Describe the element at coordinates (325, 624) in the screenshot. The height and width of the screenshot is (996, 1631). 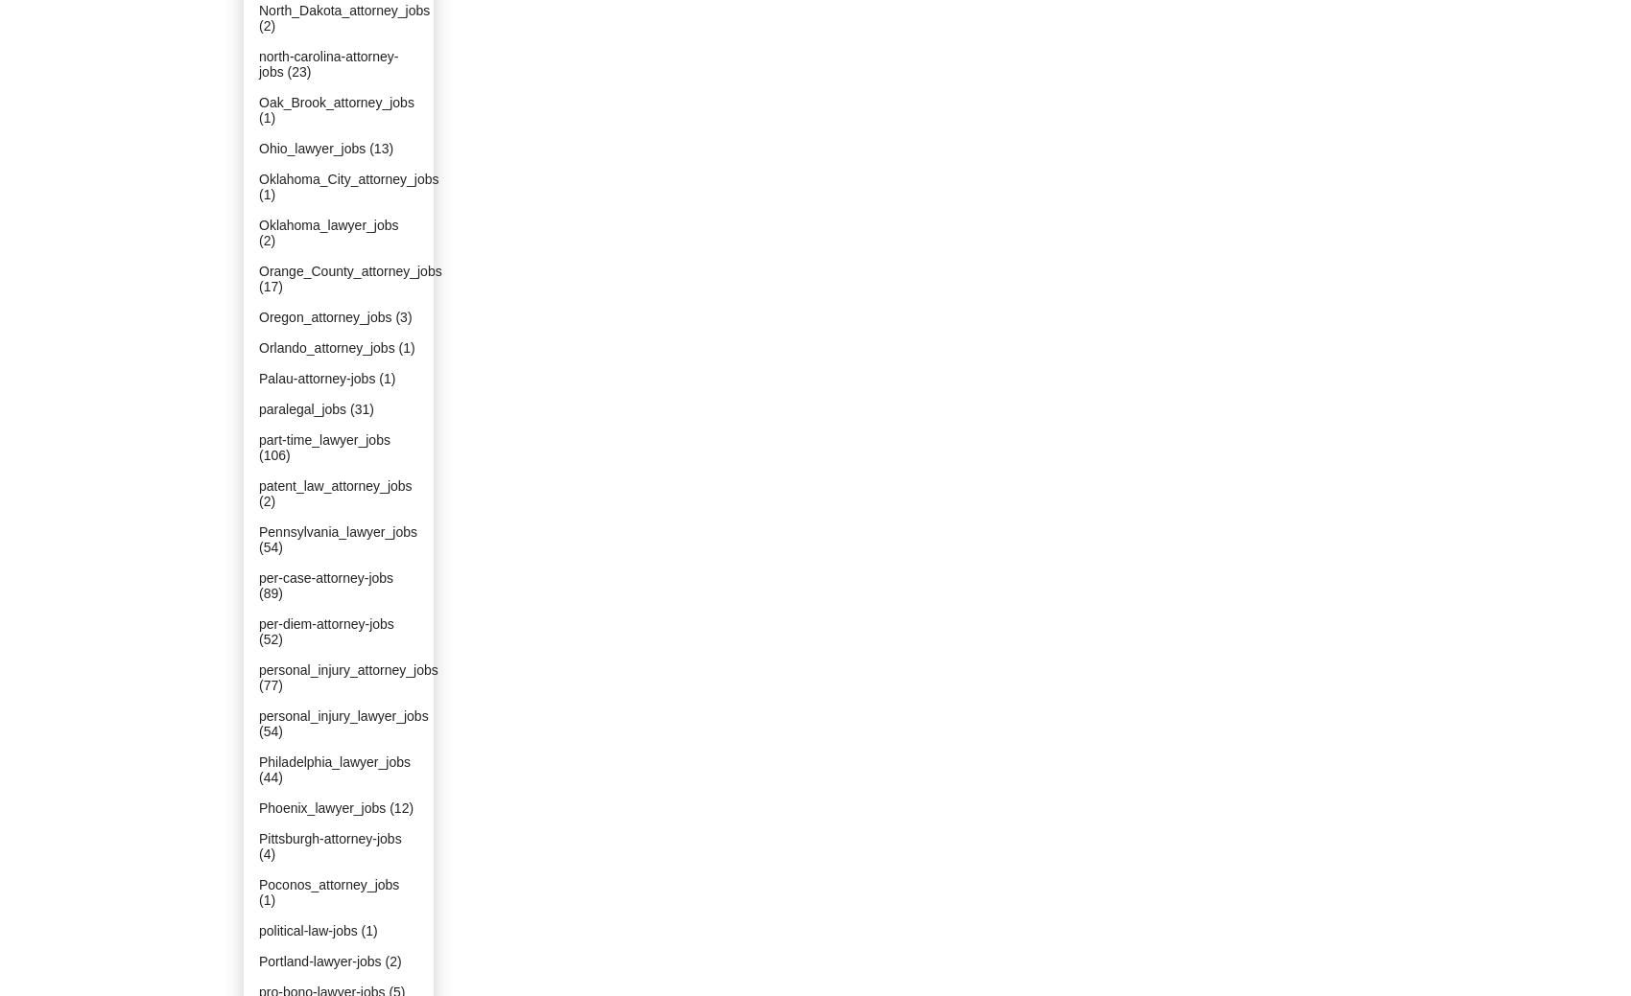
I see `'per-diem-attorney-jobs'` at that location.